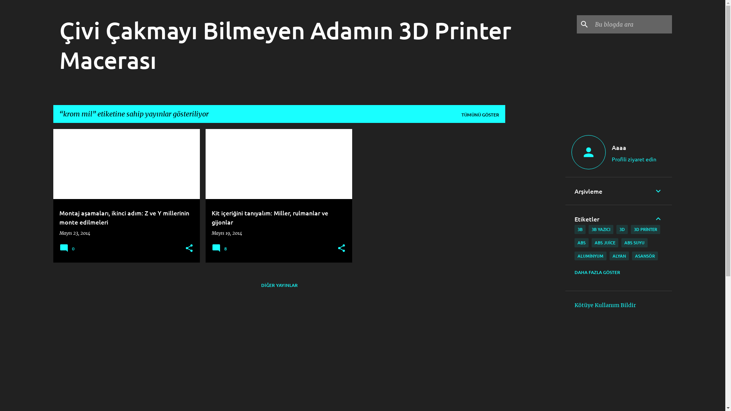  I want to click on 'ABS', so click(581, 242).